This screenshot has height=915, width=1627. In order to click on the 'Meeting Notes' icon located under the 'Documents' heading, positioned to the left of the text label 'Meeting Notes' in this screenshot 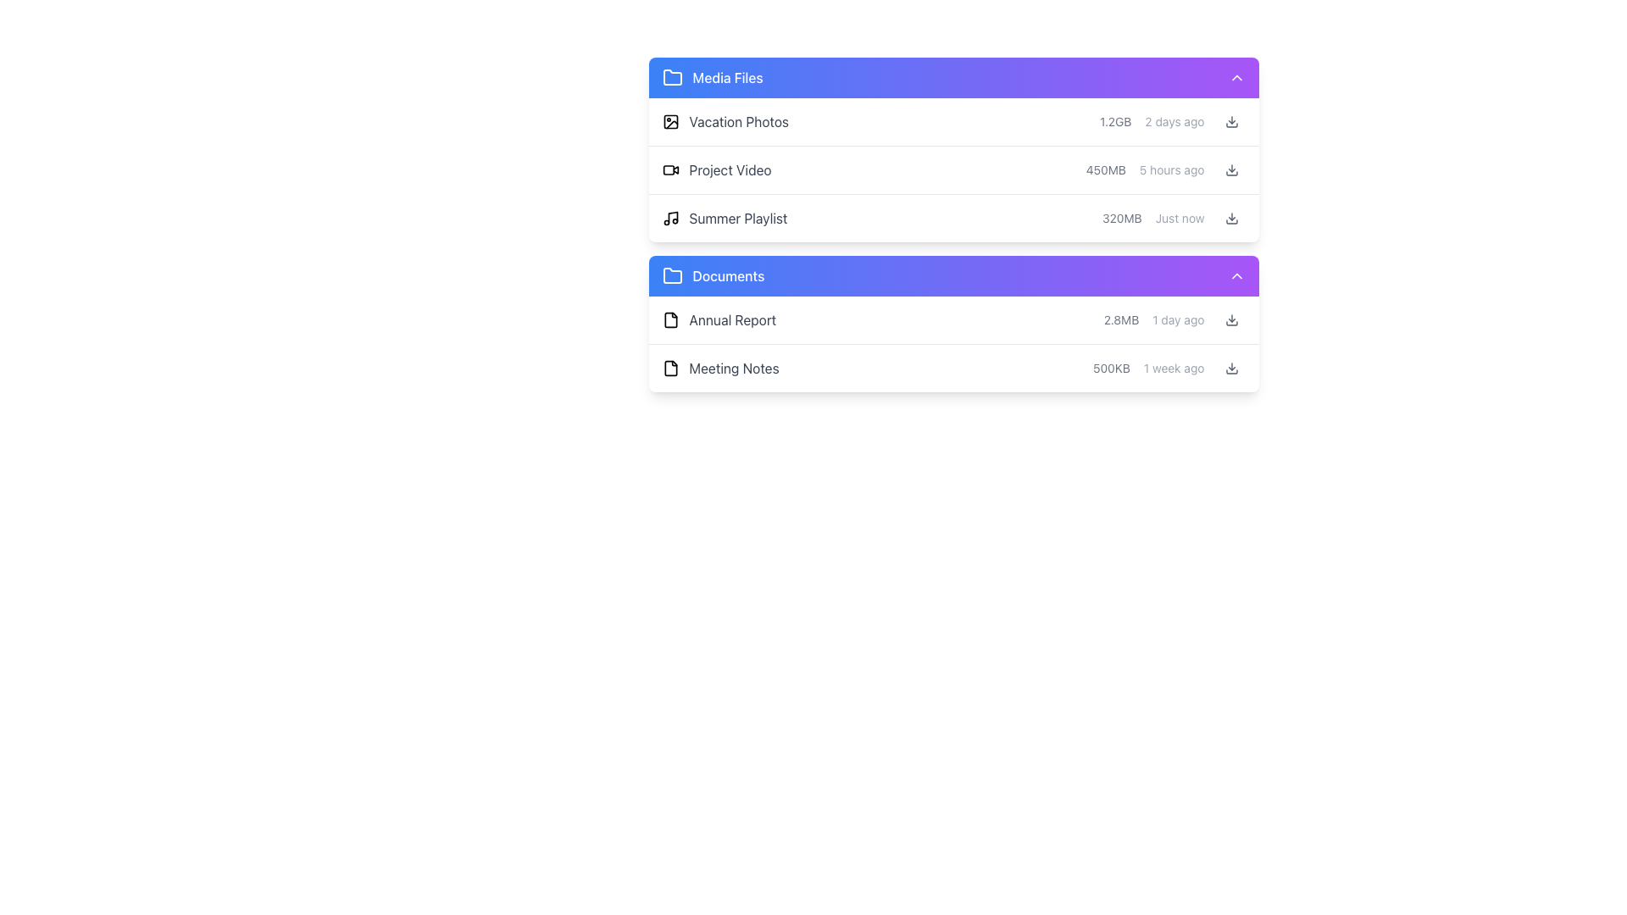, I will do `click(669, 368)`.